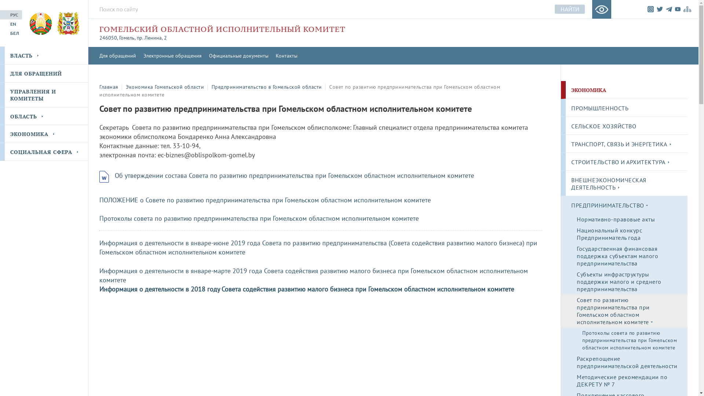  Describe the element at coordinates (0, 23) in the screenshot. I see `'EN'` at that location.